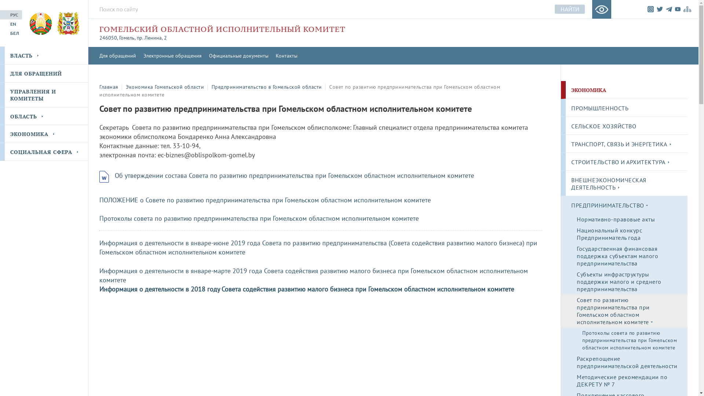  Describe the element at coordinates (0, 23) in the screenshot. I see `'EN'` at that location.